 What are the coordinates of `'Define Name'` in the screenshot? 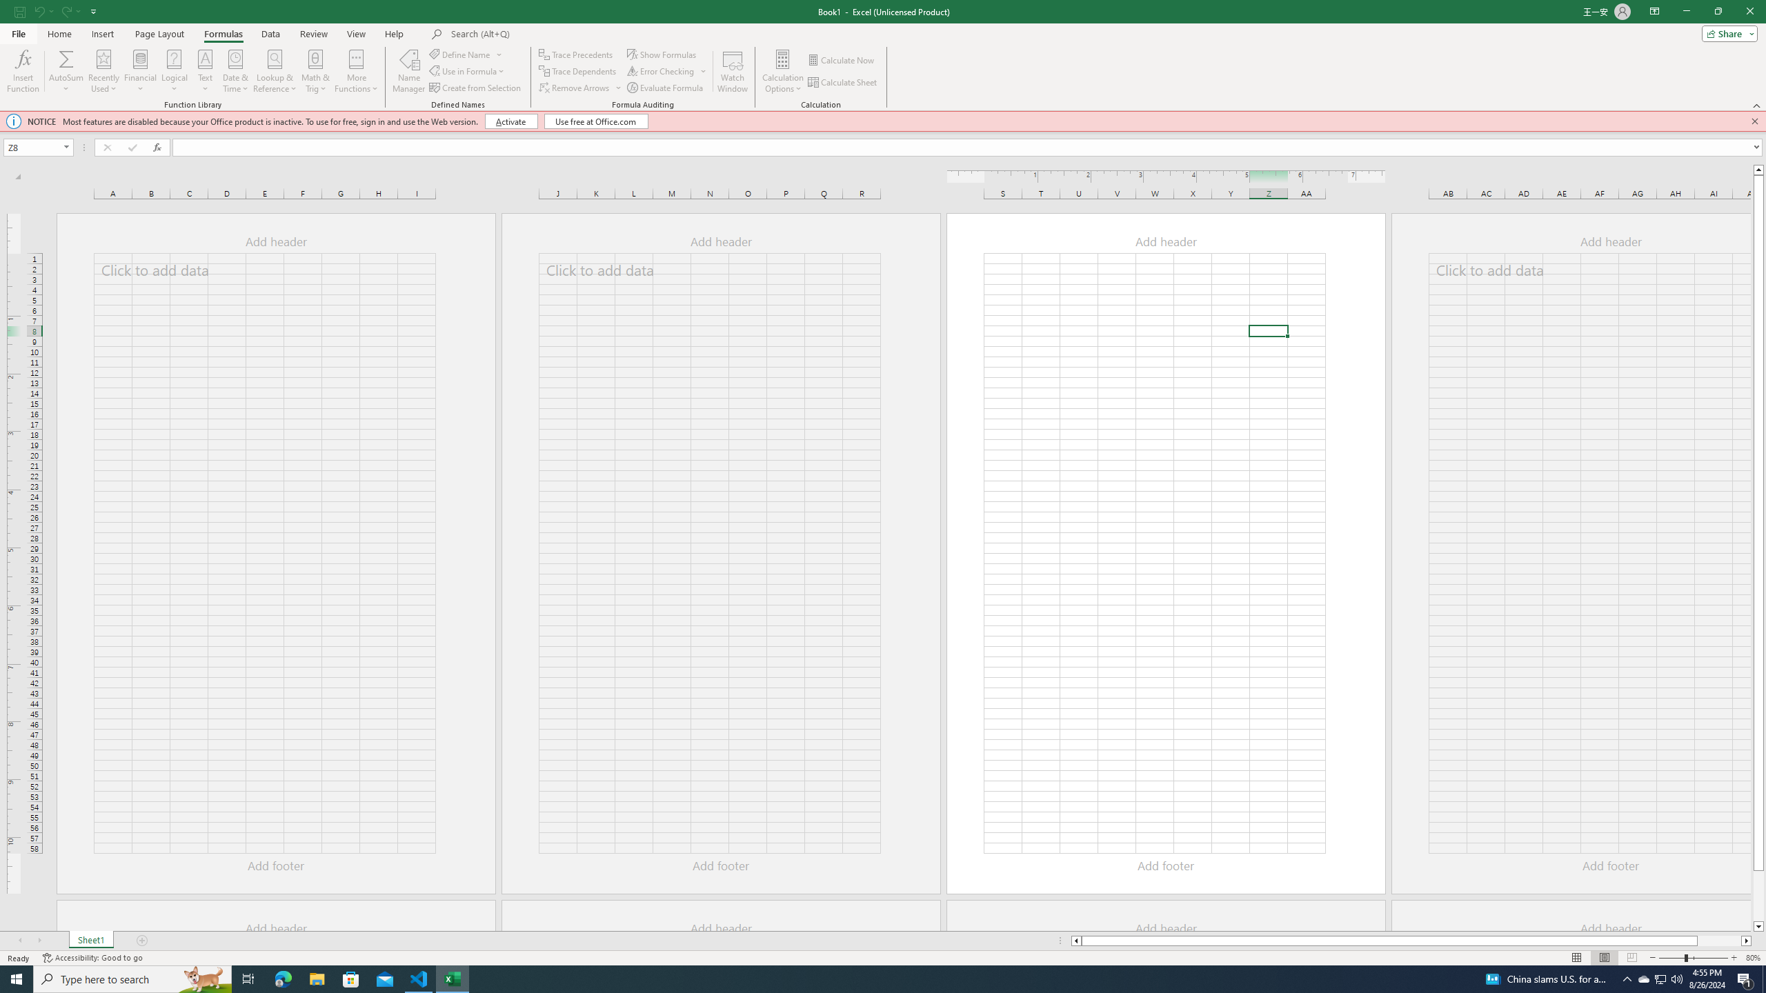 It's located at (465, 54).